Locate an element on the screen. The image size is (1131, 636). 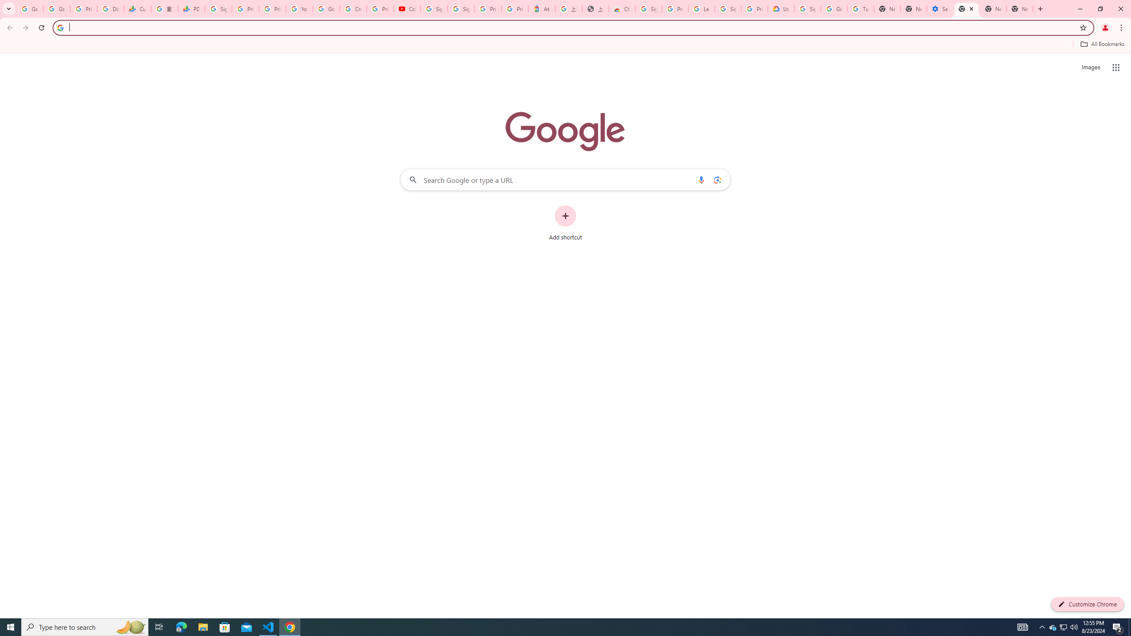
'Turn cookies on or off - Computer - Google Account Help' is located at coordinates (861, 8).